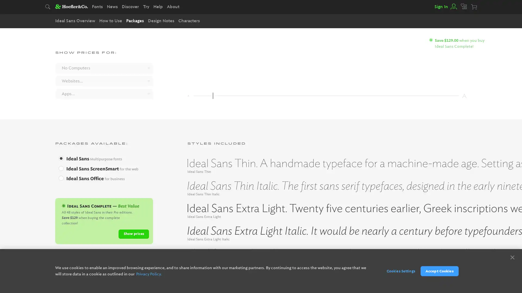 The width and height of the screenshot is (522, 293). I want to click on Search typography.com, so click(48, 7).